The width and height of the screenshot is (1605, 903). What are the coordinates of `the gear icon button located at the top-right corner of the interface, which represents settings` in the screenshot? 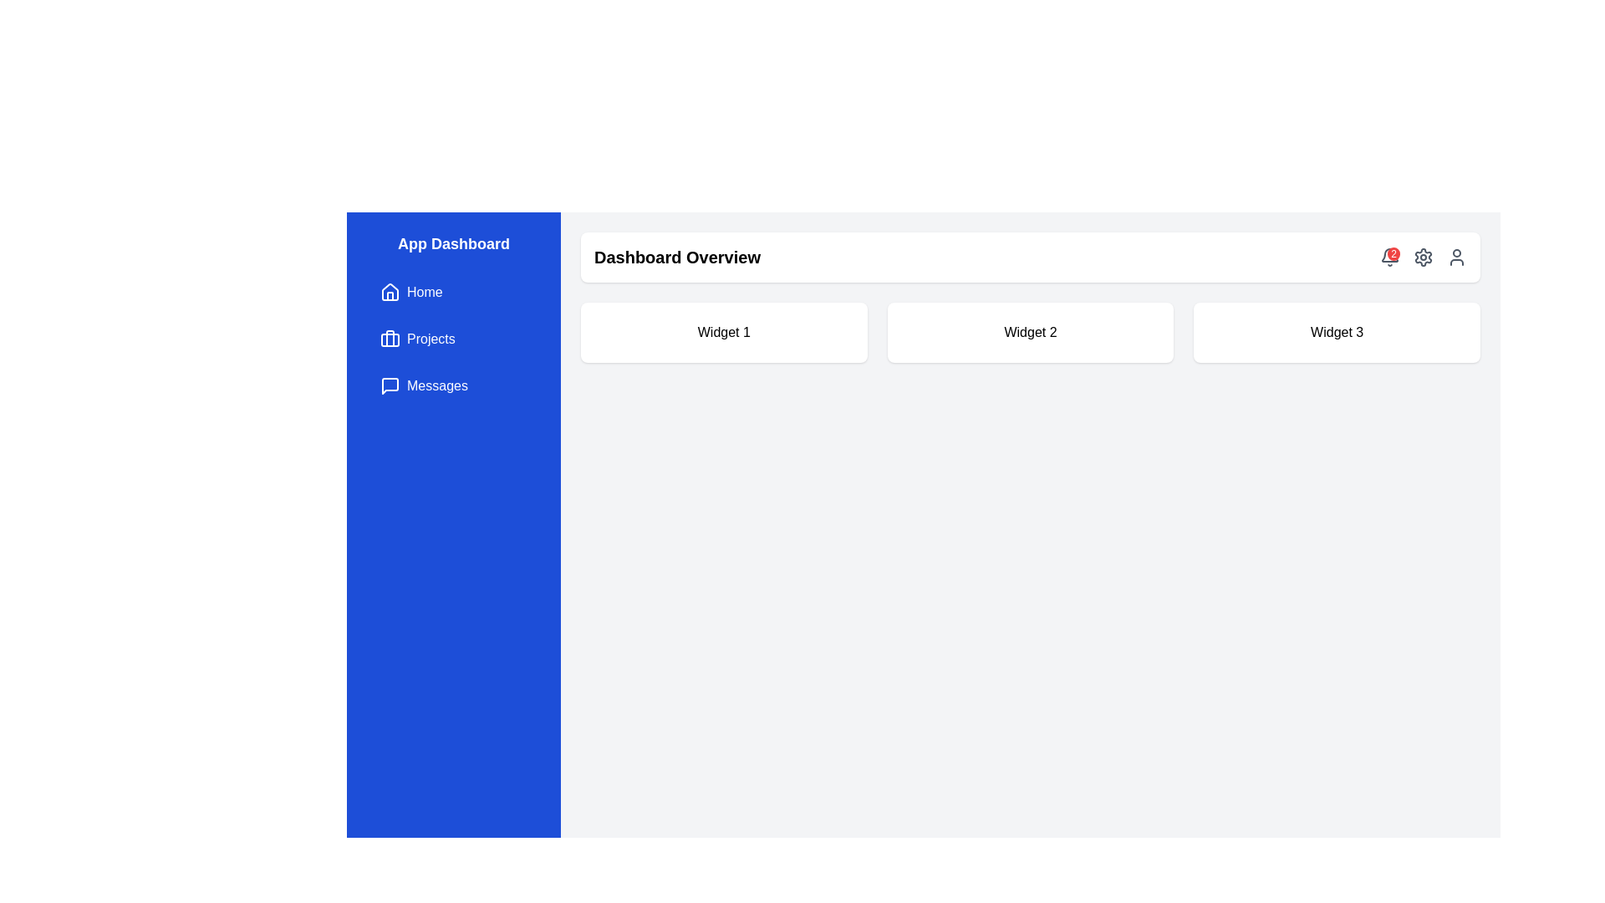 It's located at (1423, 258).